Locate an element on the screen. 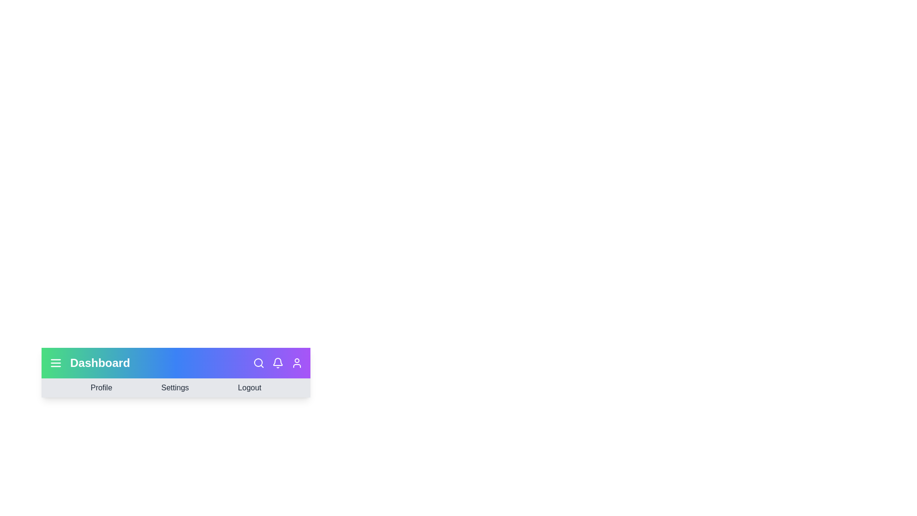  the 'Logout' menu item is located at coordinates (249, 388).